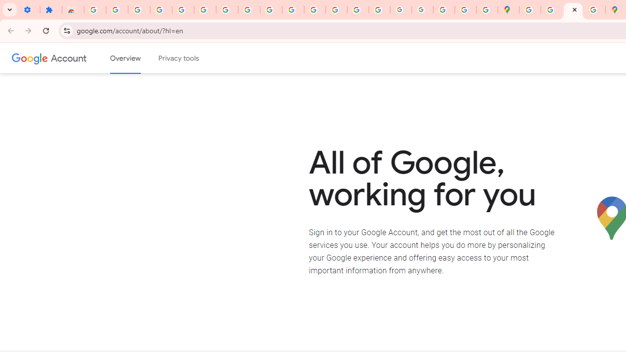 This screenshot has height=352, width=626. Describe the element at coordinates (29, 10) in the screenshot. I see `'Settings - On startup'` at that location.